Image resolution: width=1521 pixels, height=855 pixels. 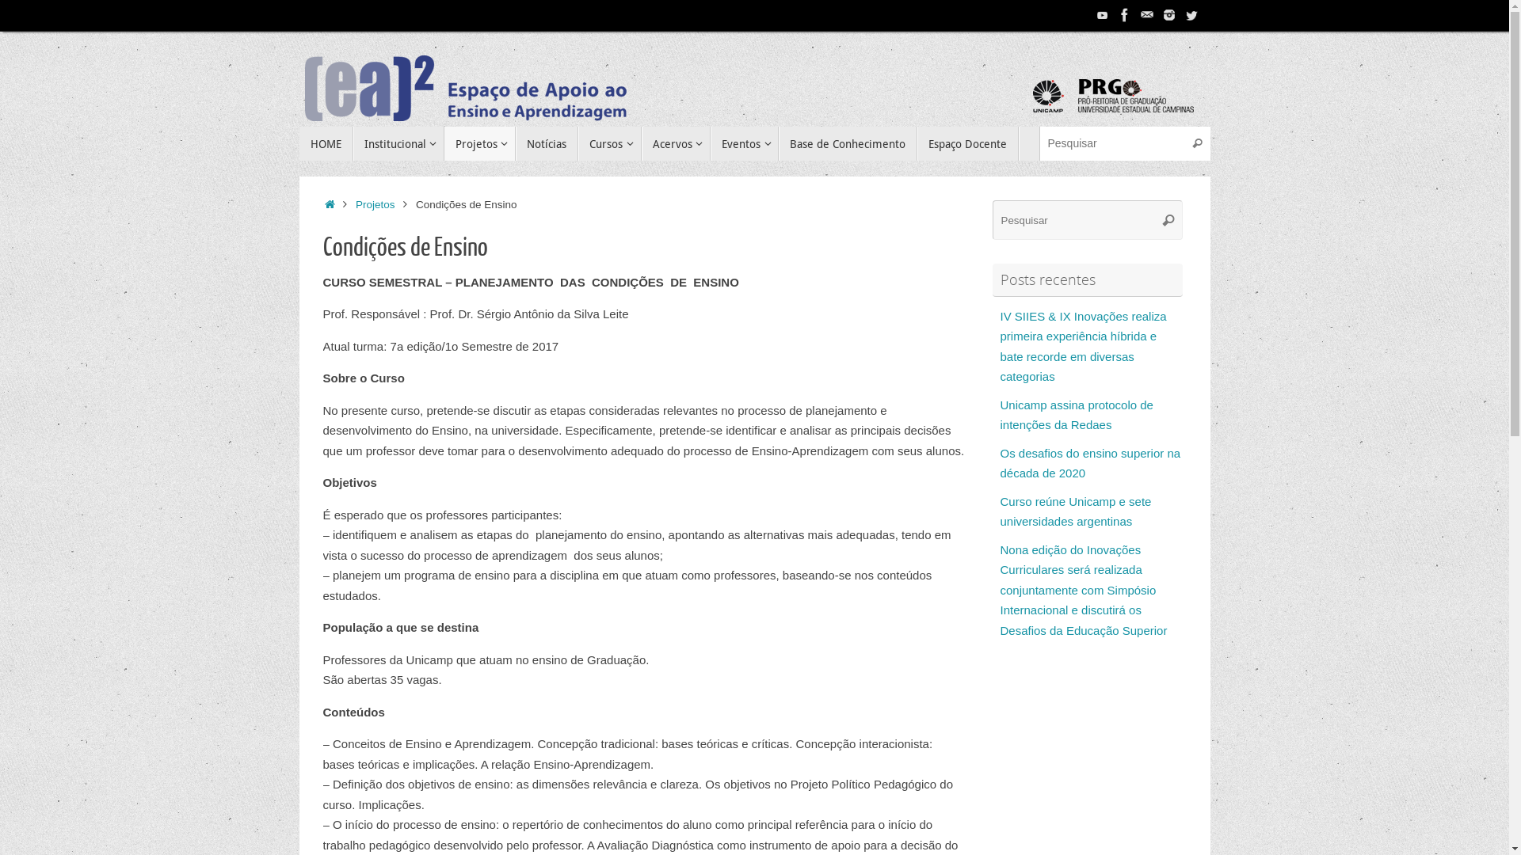 What do you see at coordinates (1147, 15) in the screenshot?
I see `'Mail'` at bounding box center [1147, 15].